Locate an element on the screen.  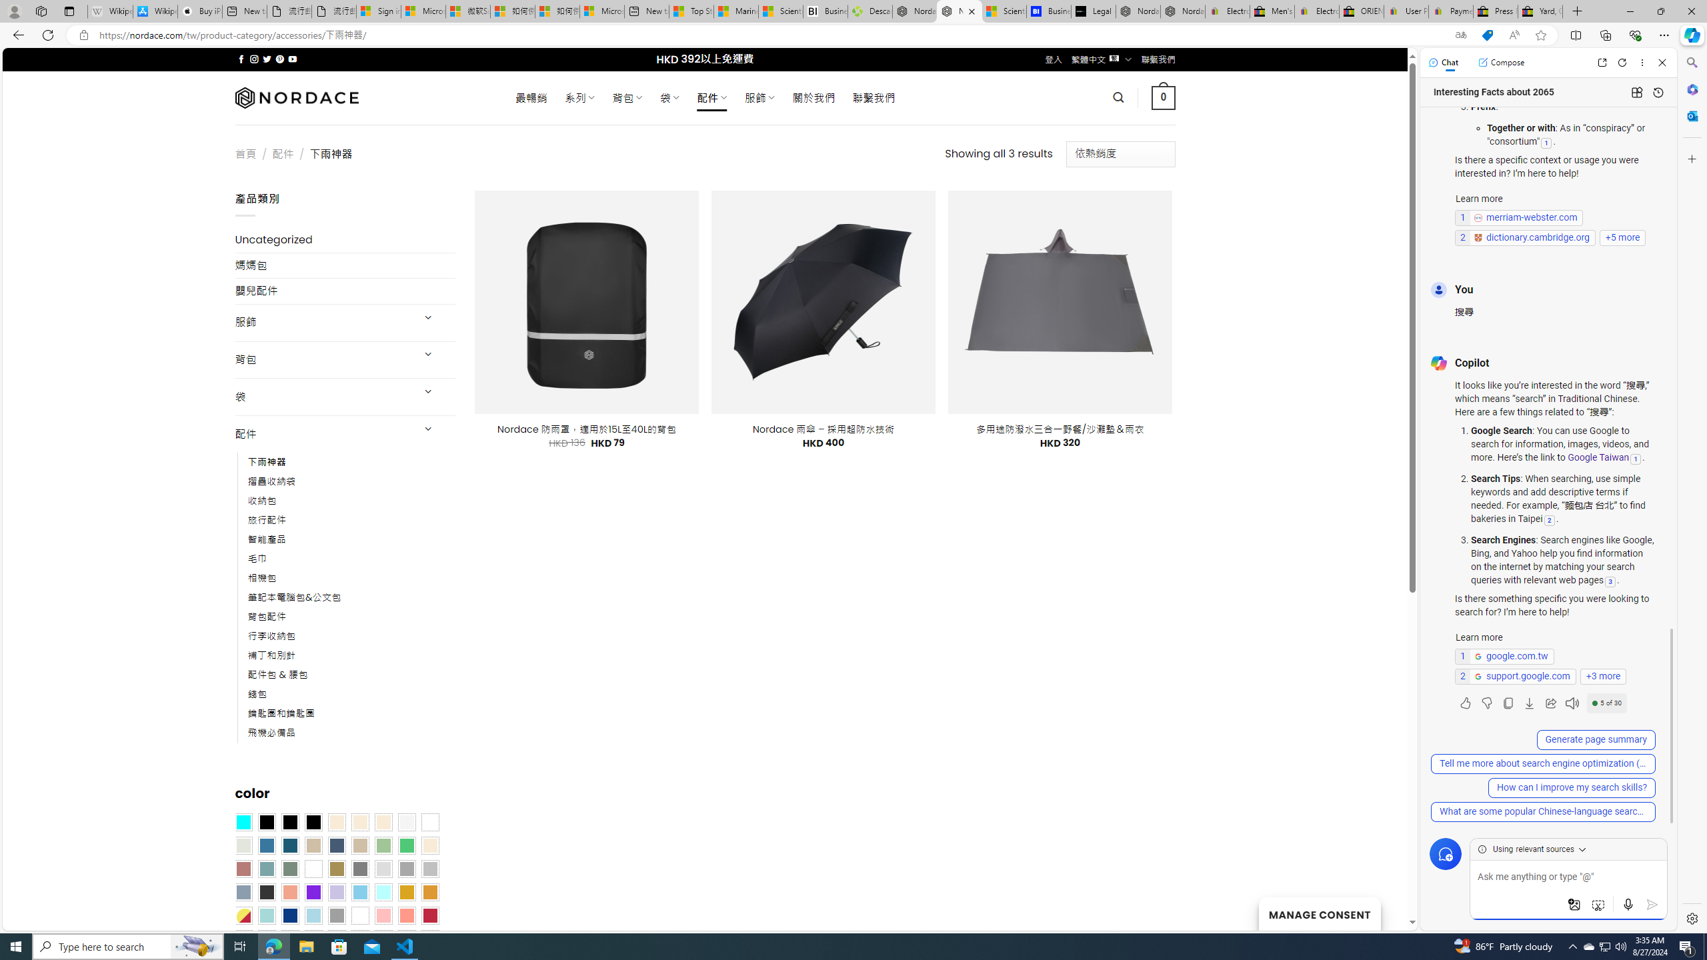
'Uncategorized' is located at coordinates (345, 240).